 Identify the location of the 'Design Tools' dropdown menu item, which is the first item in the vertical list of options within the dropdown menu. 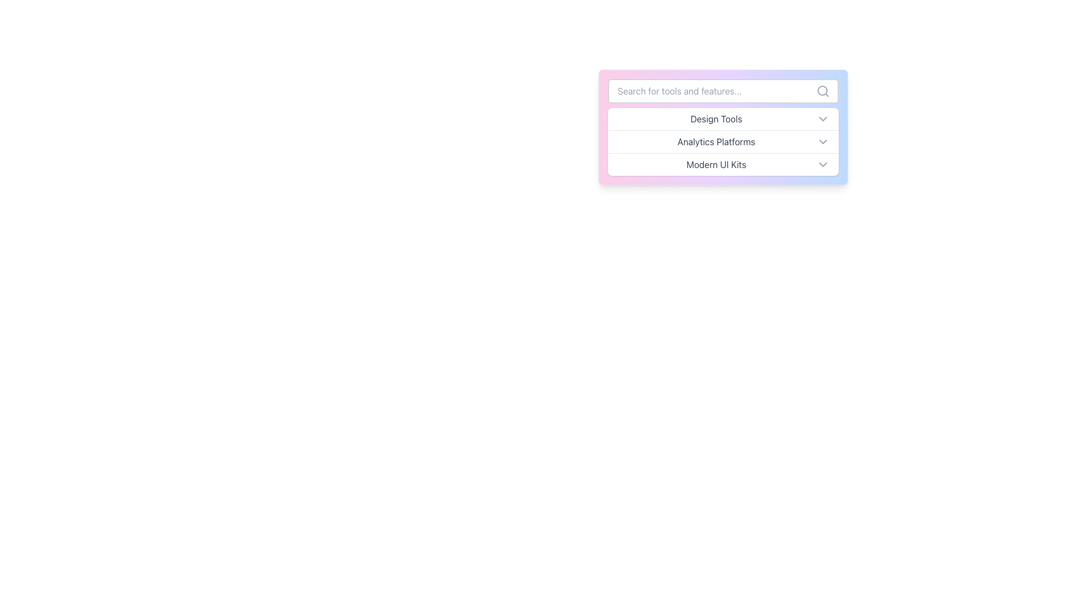
(723, 119).